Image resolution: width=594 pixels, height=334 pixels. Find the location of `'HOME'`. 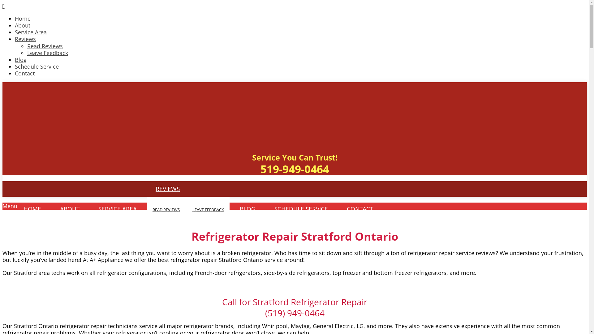

'HOME' is located at coordinates (15, 209).